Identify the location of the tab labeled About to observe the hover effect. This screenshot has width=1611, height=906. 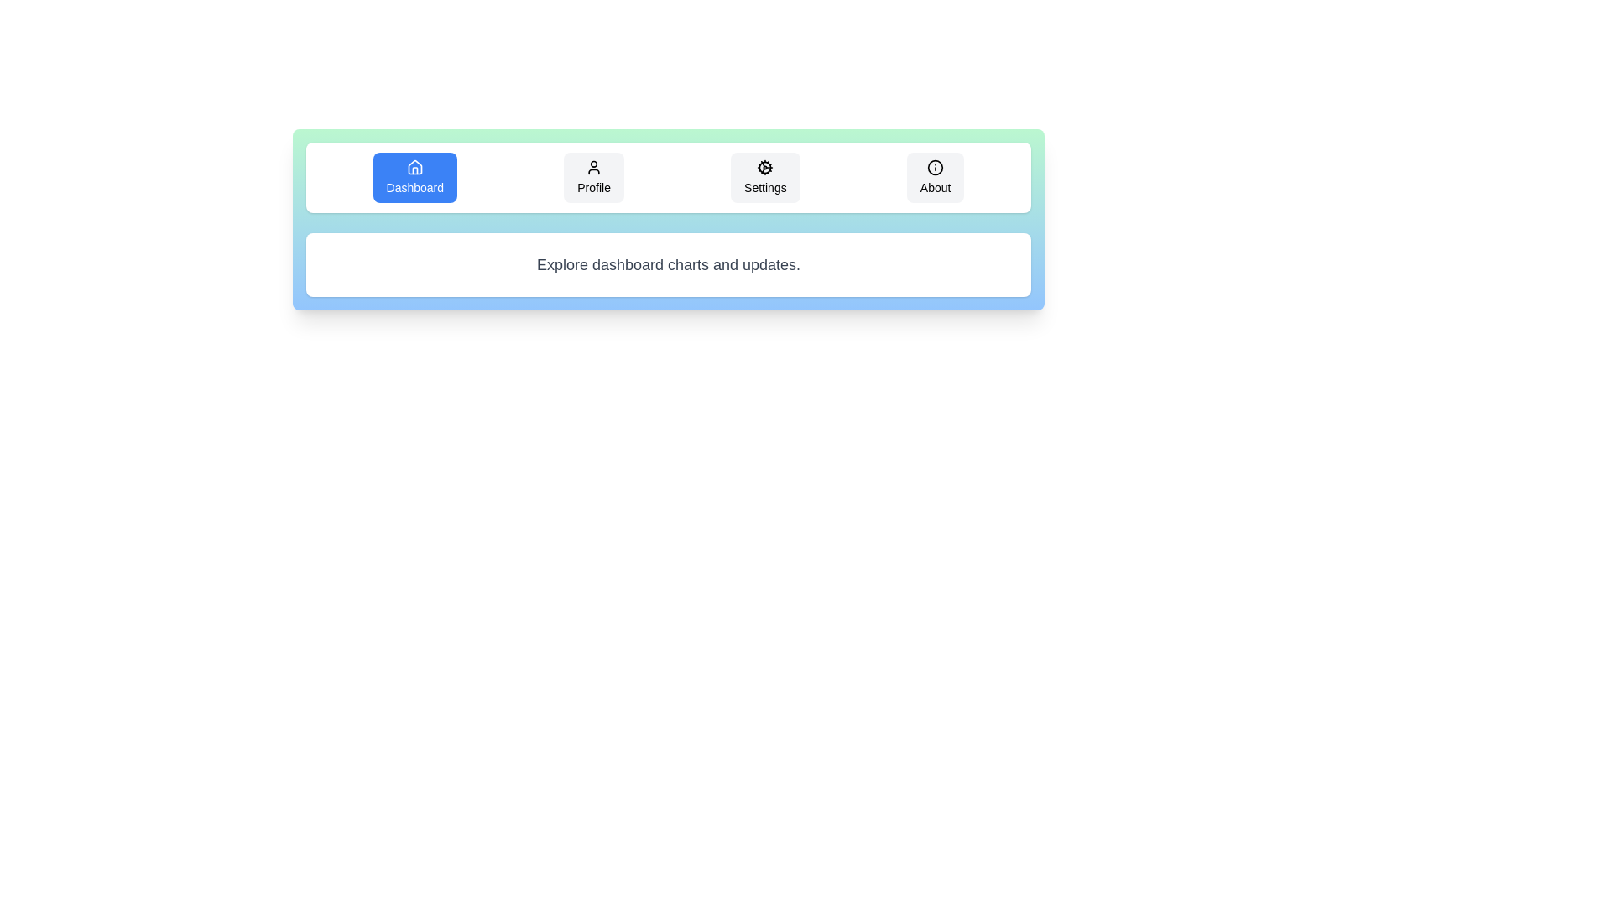
(935, 178).